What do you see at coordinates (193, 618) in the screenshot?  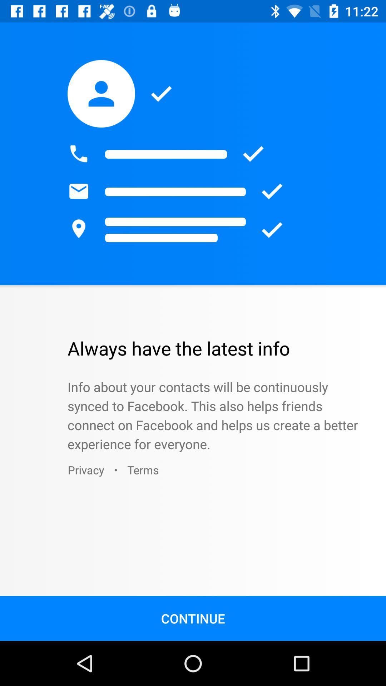 I see `the icon below privacy` at bounding box center [193, 618].